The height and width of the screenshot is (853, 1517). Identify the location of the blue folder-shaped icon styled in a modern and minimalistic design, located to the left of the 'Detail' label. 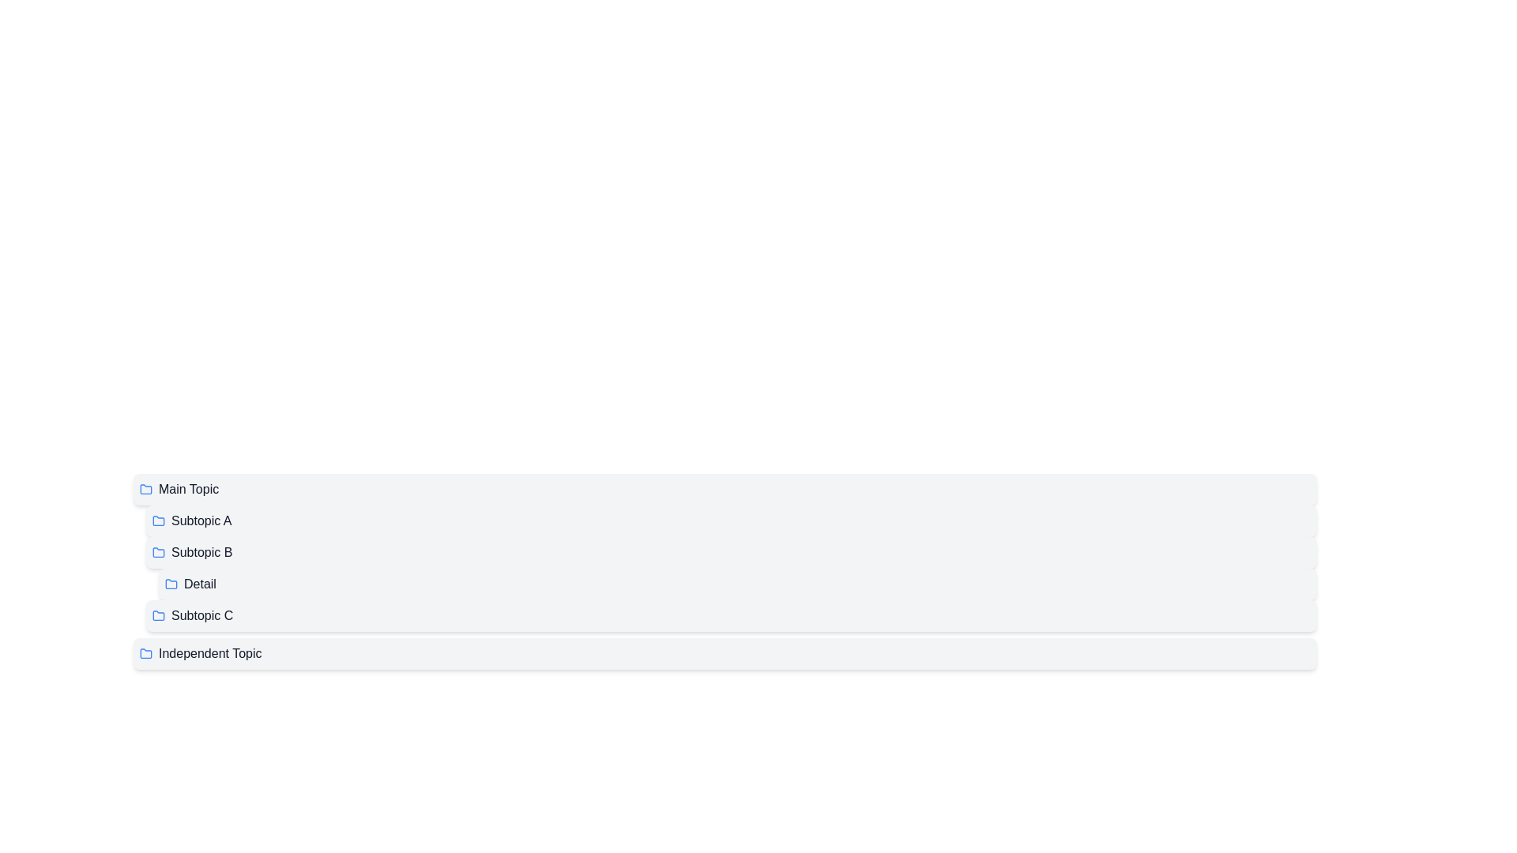
(171, 584).